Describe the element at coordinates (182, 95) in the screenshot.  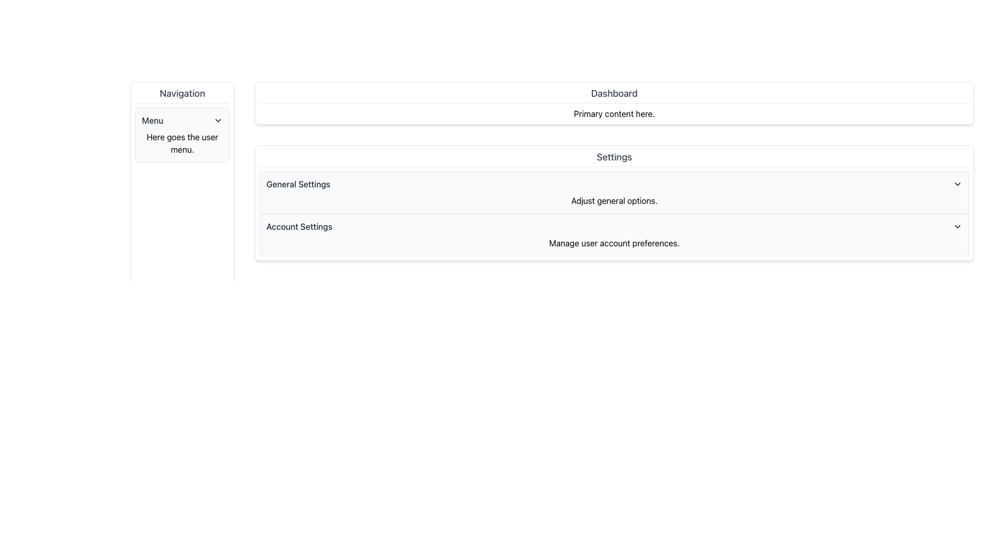
I see `text of the descriptive title located at the top of the vertical navigation panel on the left side of the interface` at that location.